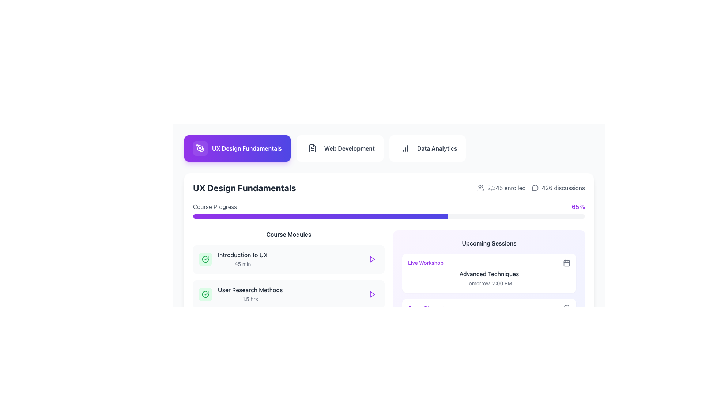  What do you see at coordinates (247, 148) in the screenshot?
I see `text label indicating 'UX Design Fundamentals' located in the center-right of the navigation header button` at bounding box center [247, 148].